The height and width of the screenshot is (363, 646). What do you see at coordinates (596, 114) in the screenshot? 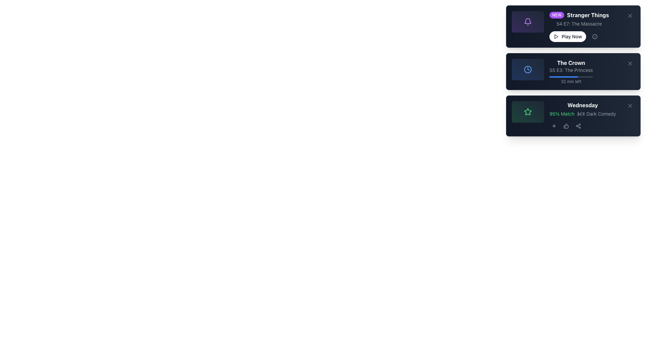
I see `the categorization label associated with the 'Wednesday' show, located to the right of the green text '95% Match' in the third content card` at bounding box center [596, 114].